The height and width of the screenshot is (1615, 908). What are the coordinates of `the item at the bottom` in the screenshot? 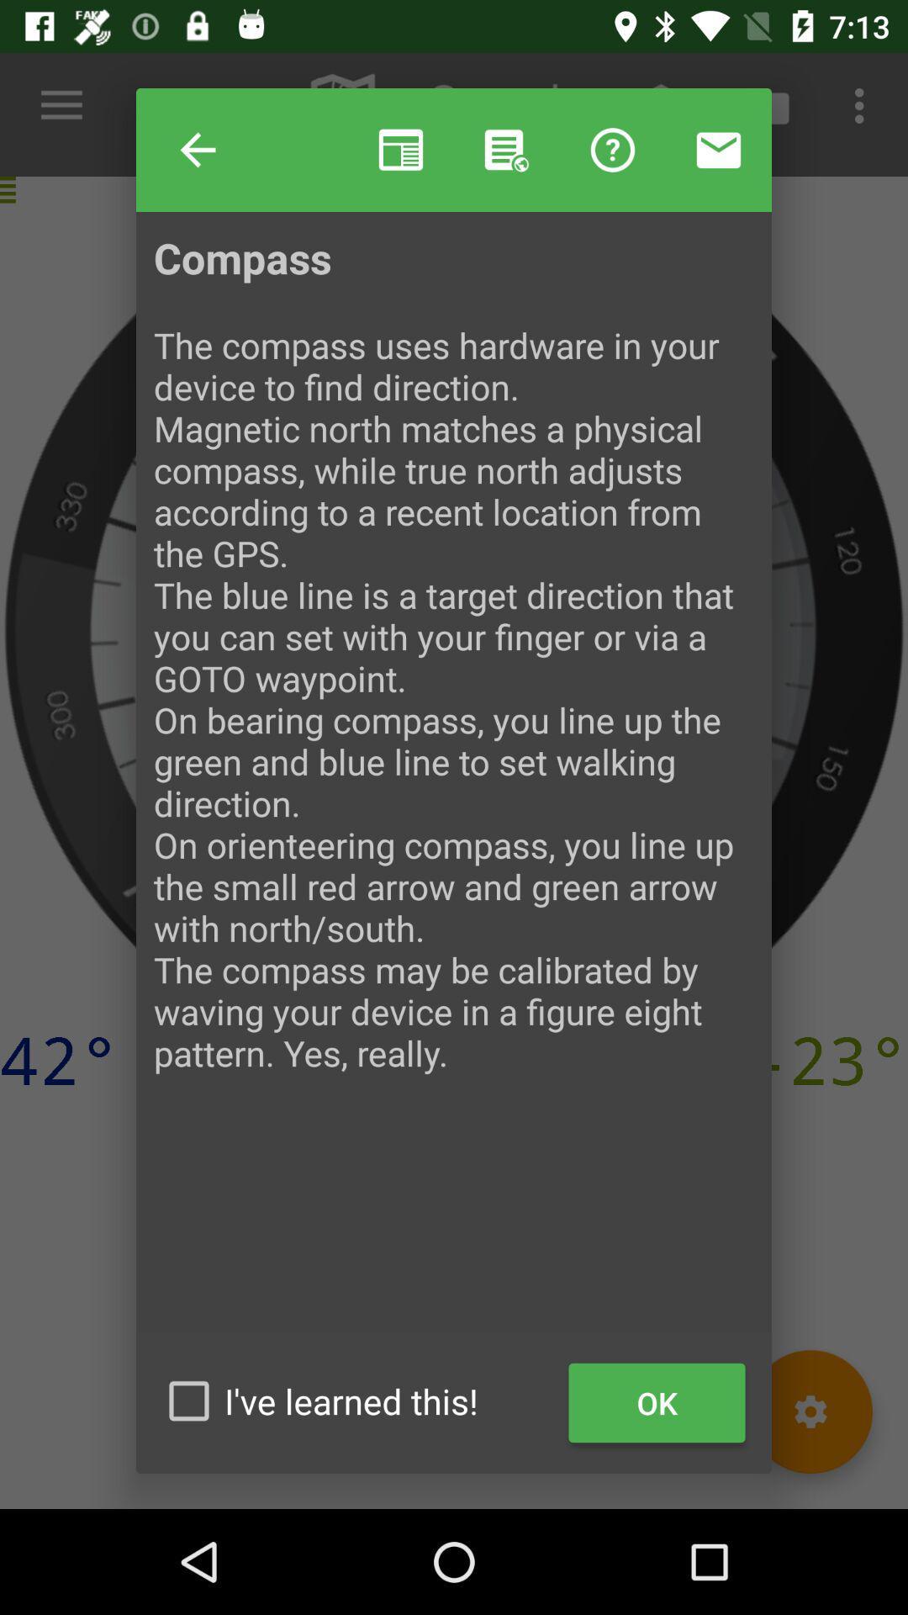 It's located at (356, 1401).